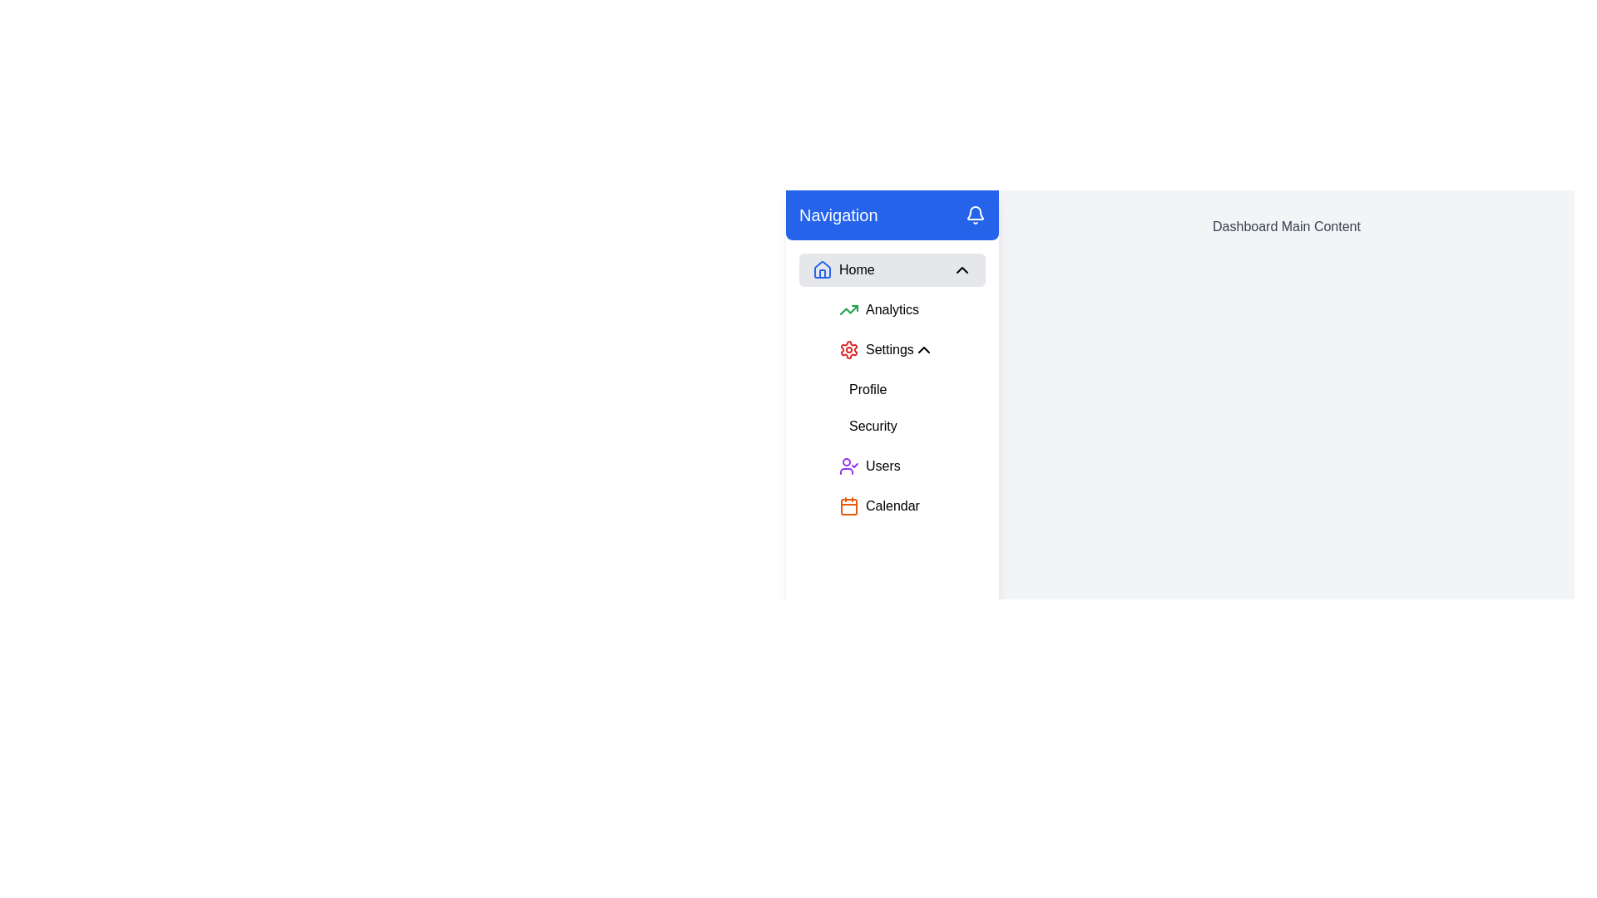 The width and height of the screenshot is (1597, 898). I want to click on the individual menu items of the vertical navigation sidebar, so click(892, 387).